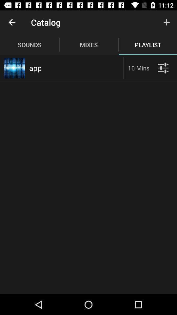 Image resolution: width=177 pixels, height=315 pixels. Describe the element at coordinates (163, 68) in the screenshot. I see `show noise options` at that location.